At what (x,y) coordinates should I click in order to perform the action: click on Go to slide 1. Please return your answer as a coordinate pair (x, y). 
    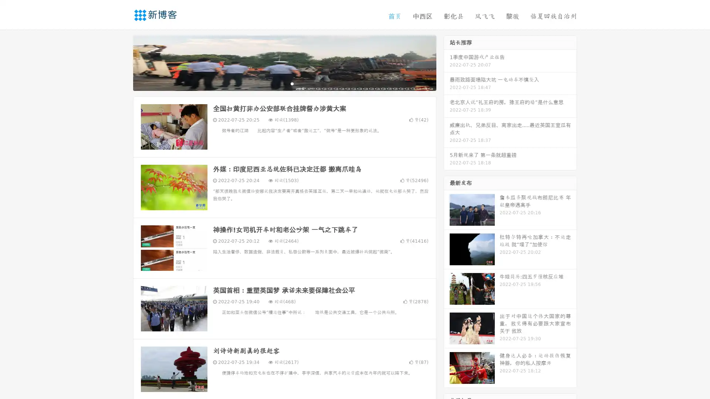
    Looking at the image, I should click on (277, 83).